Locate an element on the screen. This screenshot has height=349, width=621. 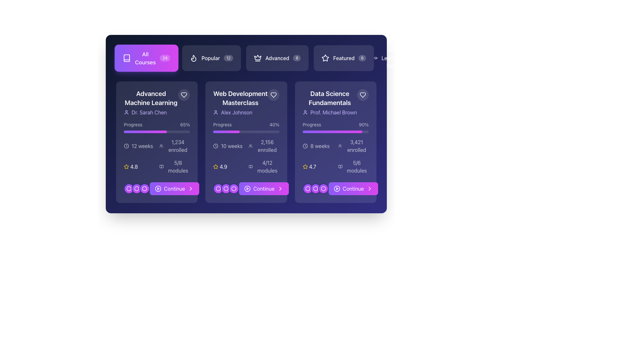
the rightmost circular indicator in the 'Progress' section below the 'Web Development Masterclass' card is located at coordinates (234, 188).